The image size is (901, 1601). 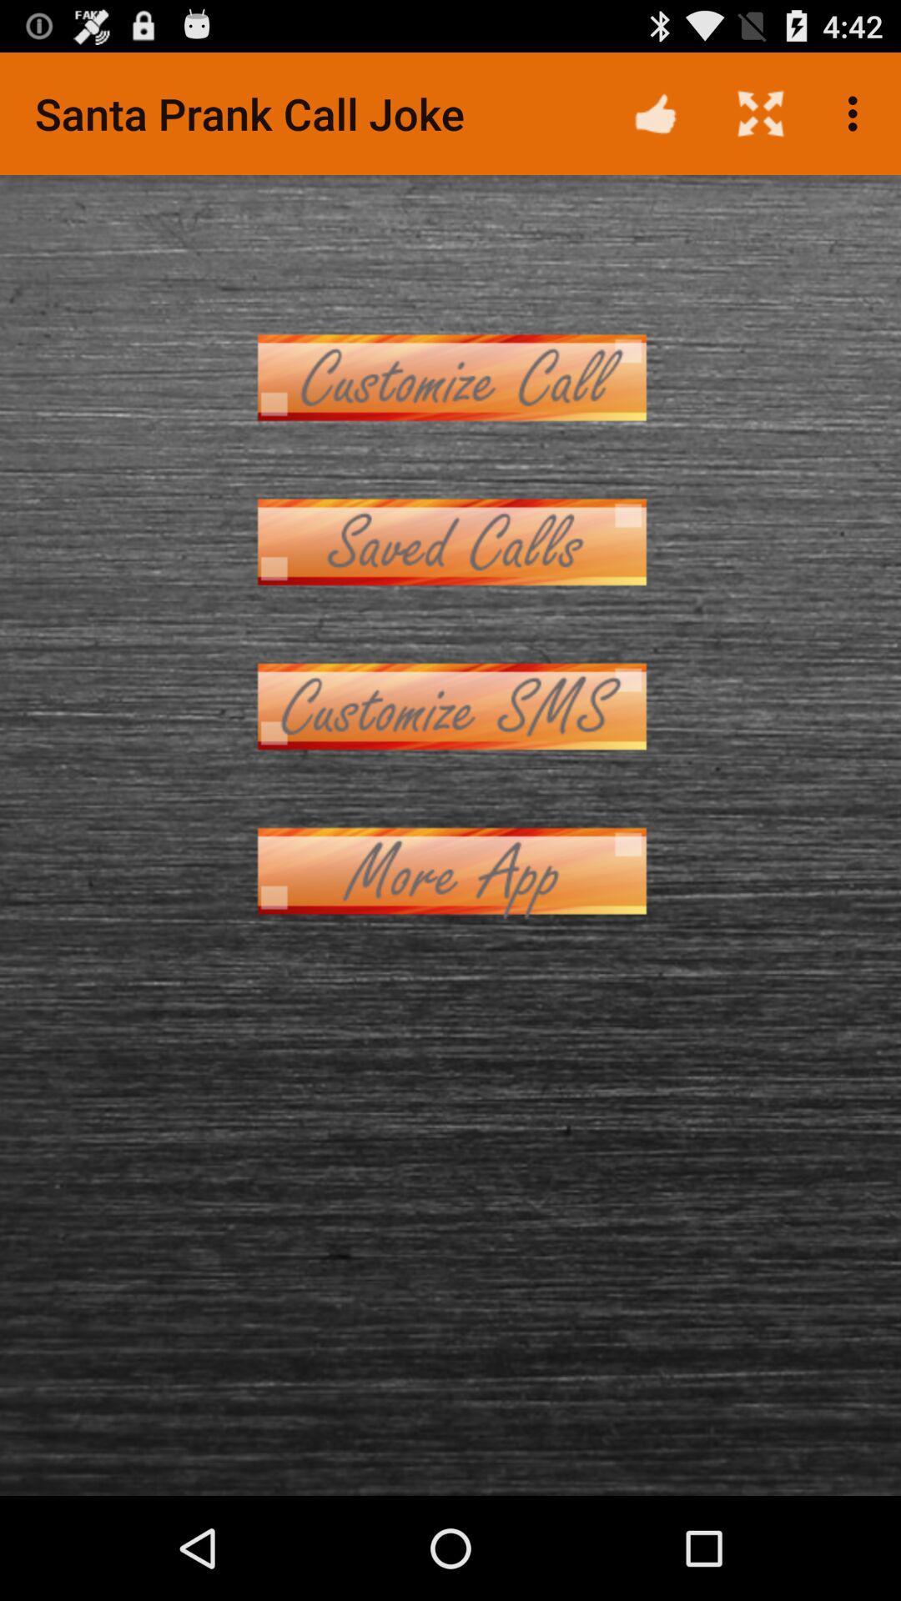 What do you see at coordinates (450, 706) in the screenshot?
I see `customize sms message` at bounding box center [450, 706].